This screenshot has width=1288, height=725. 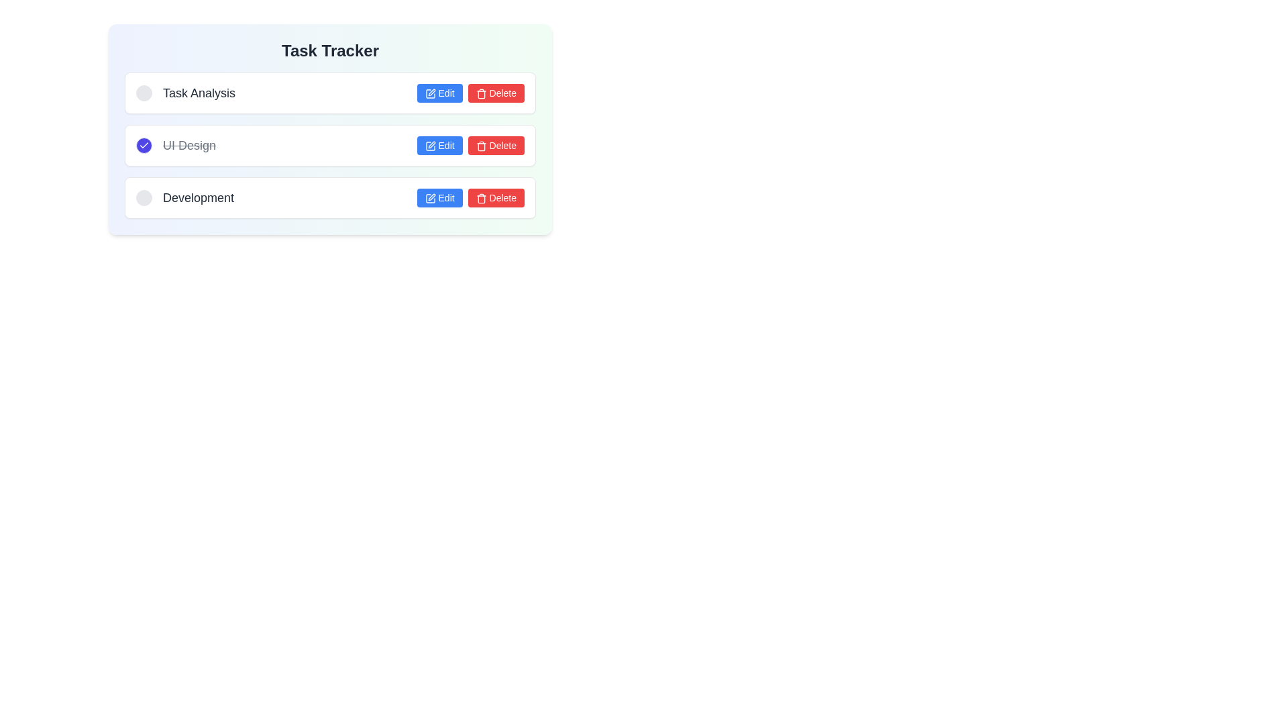 What do you see at coordinates (495, 145) in the screenshot?
I see `the 'Delete' button located to the right of the 'UI Design' task label in the second row of the task list widget` at bounding box center [495, 145].